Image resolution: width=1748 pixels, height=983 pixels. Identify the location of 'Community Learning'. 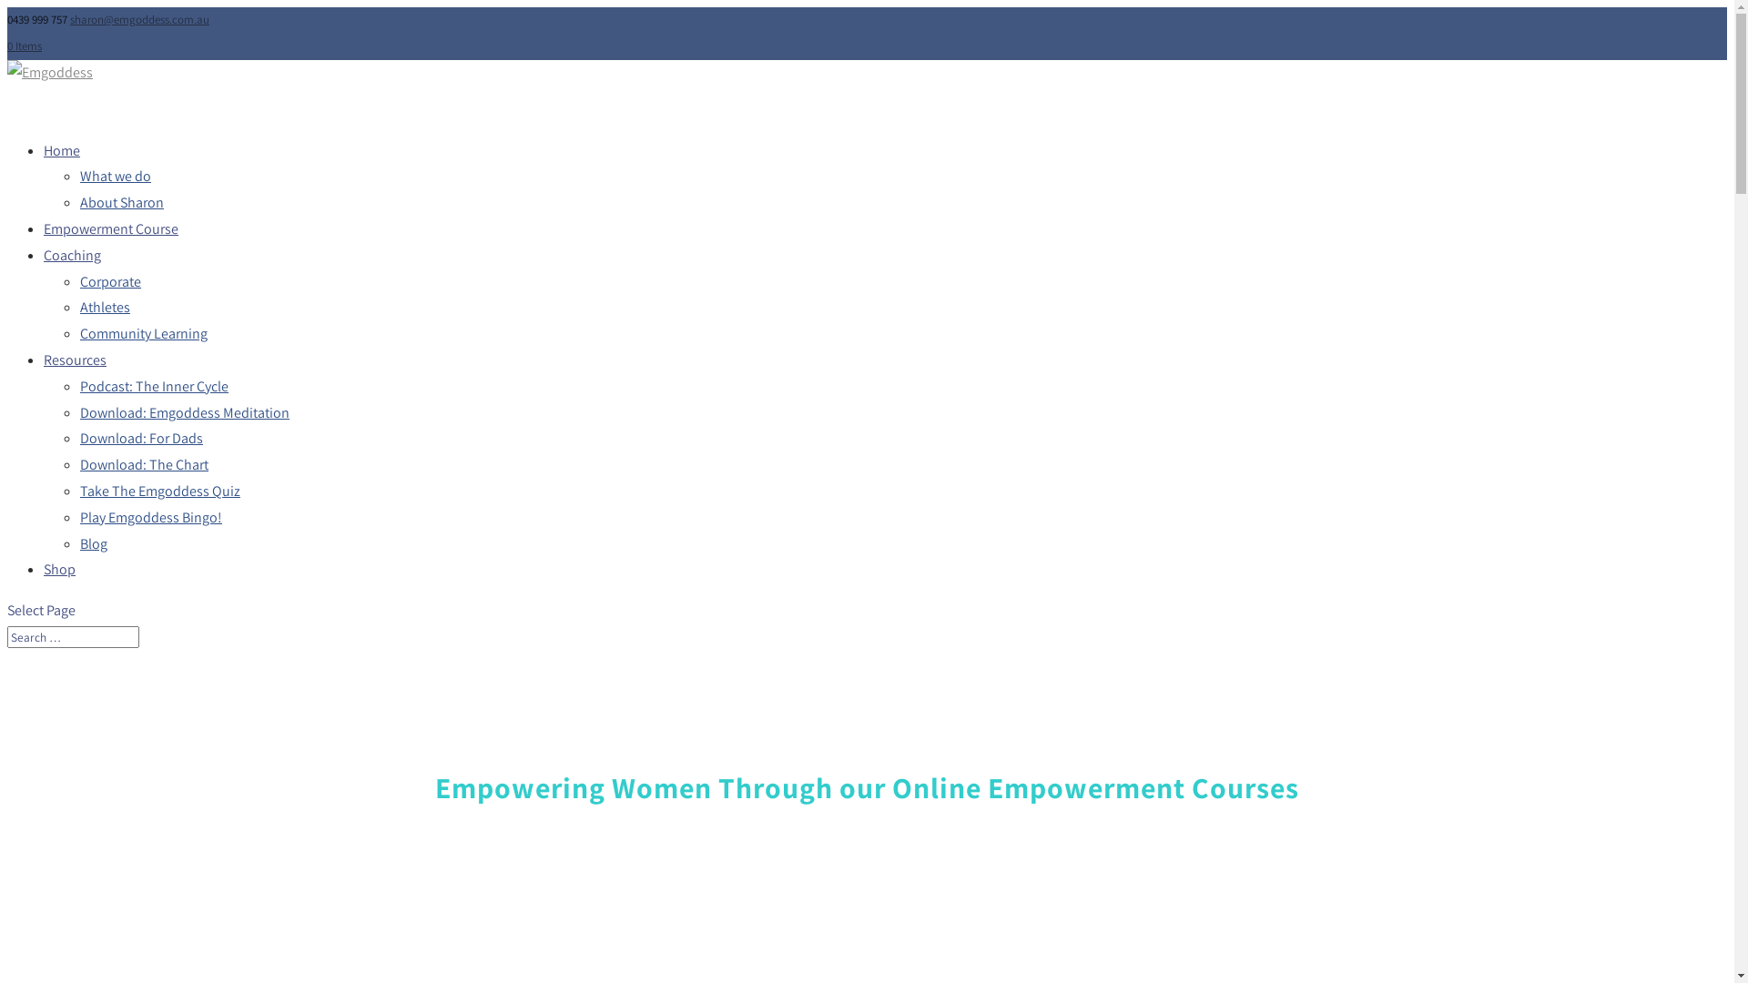
(143, 333).